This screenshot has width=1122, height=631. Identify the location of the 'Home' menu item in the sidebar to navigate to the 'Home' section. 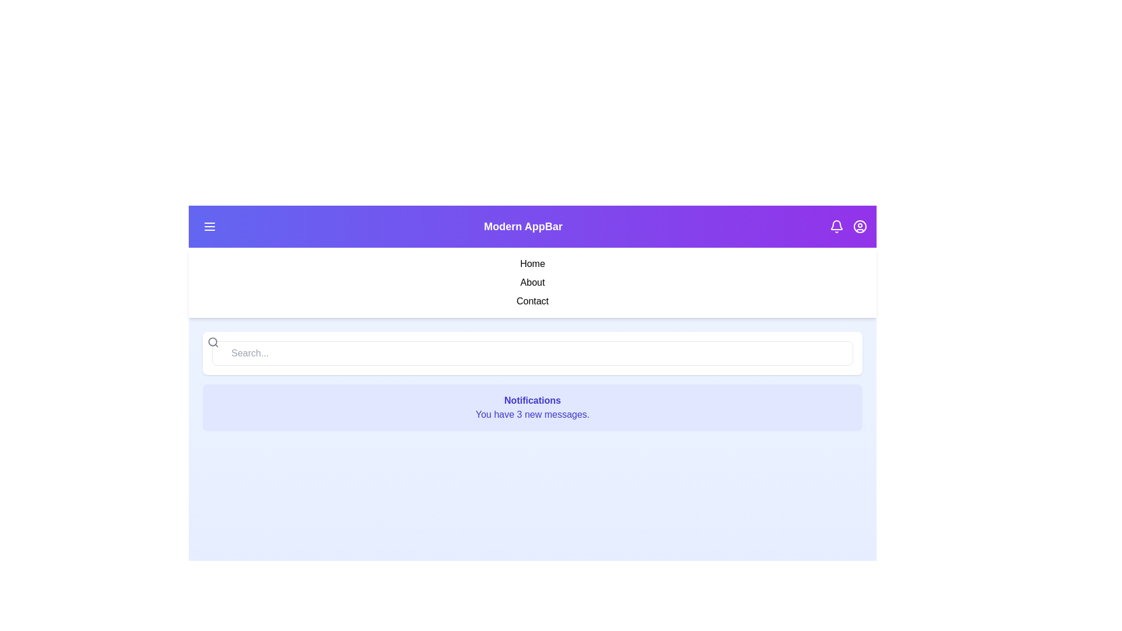
(532, 264).